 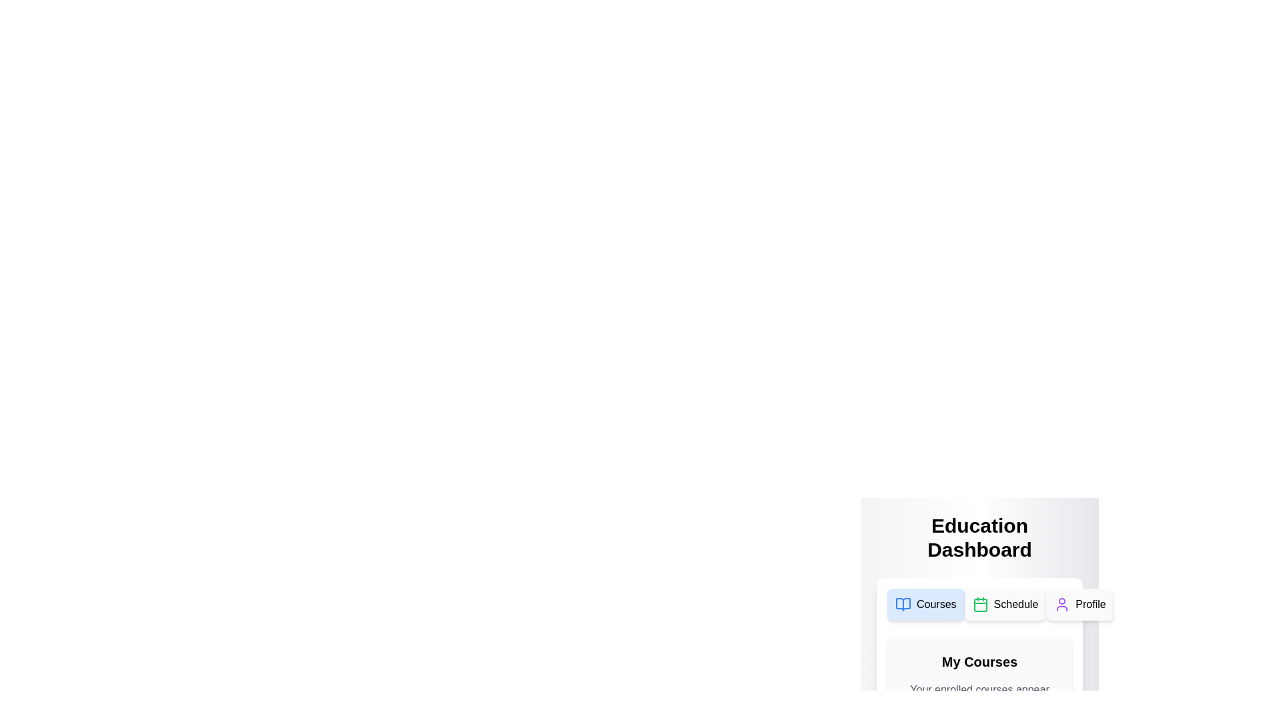 What do you see at coordinates (935, 604) in the screenshot?
I see `text displayed in the label of the button that navigates to the courses section, located near the top center-right of the interface, to the right of an open book icon` at bounding box center [935, 604].